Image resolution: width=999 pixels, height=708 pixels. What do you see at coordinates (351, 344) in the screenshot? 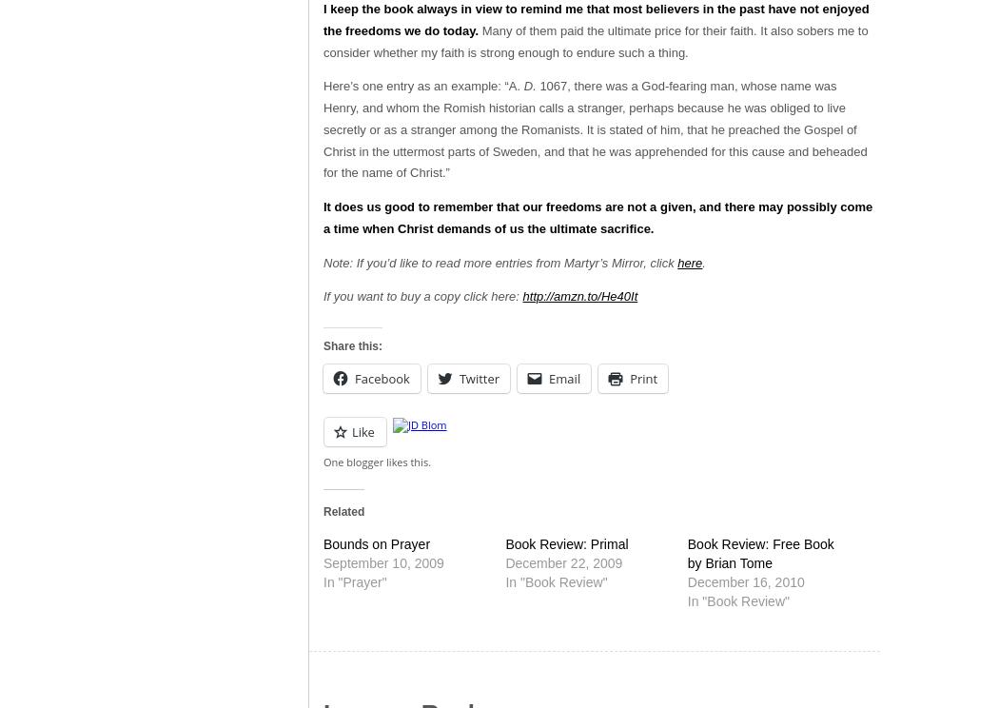
I see `'Share this:'` at bounding box center [351, 344].